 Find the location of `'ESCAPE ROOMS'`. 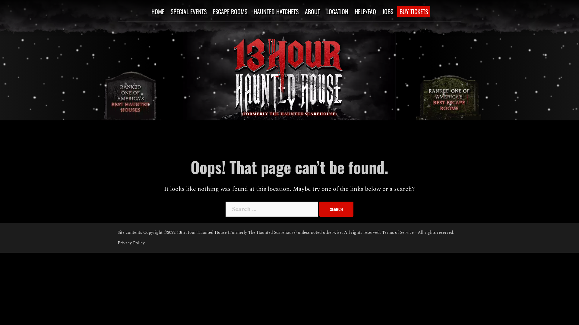

'ESCAPE ROOMS' is located at coordinates (230, 11).